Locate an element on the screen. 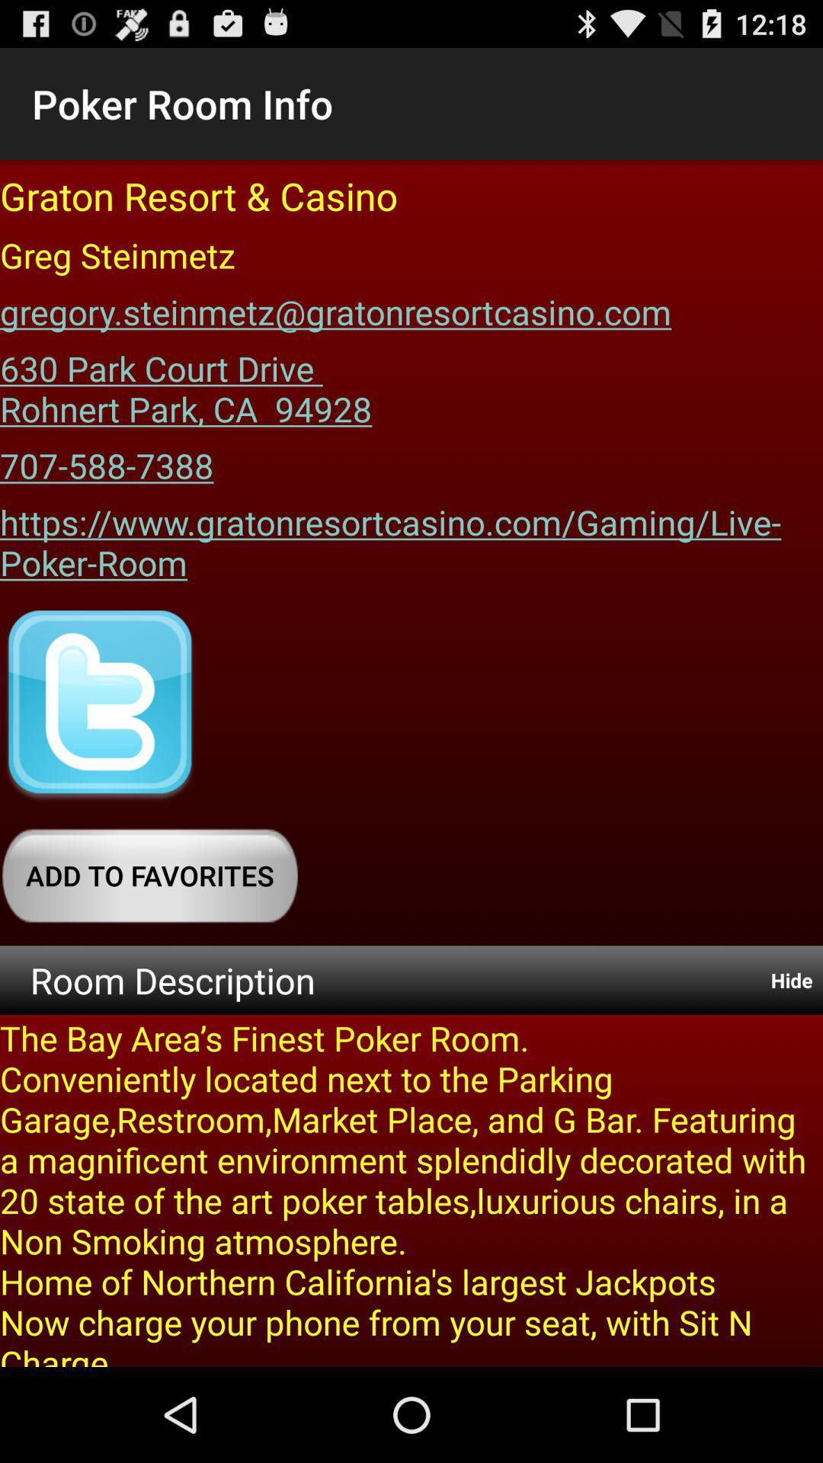  630 park court app is located at coordinates (185, 383).